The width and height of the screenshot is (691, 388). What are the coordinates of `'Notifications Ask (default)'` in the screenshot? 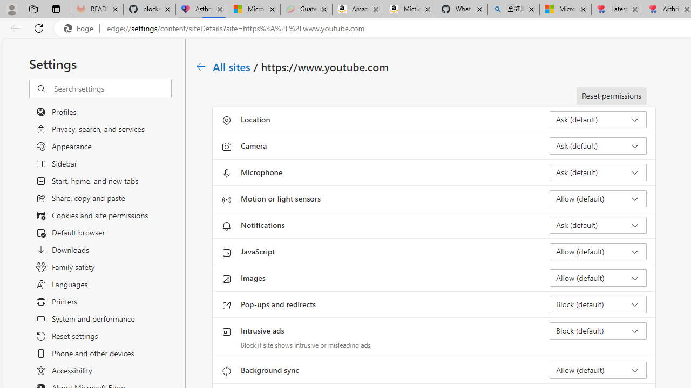 It's located at (597, 224).